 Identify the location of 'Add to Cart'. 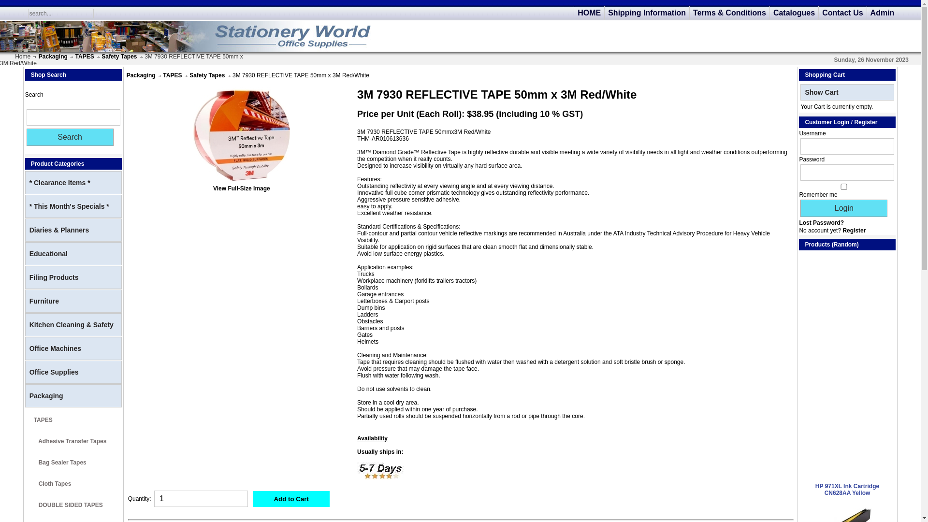
(291, 499).